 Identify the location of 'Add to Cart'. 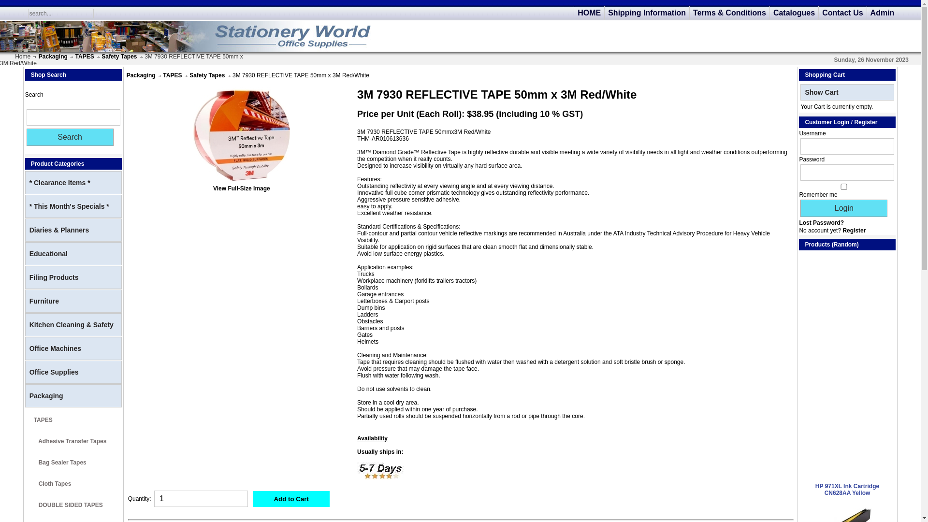
(291, 499).